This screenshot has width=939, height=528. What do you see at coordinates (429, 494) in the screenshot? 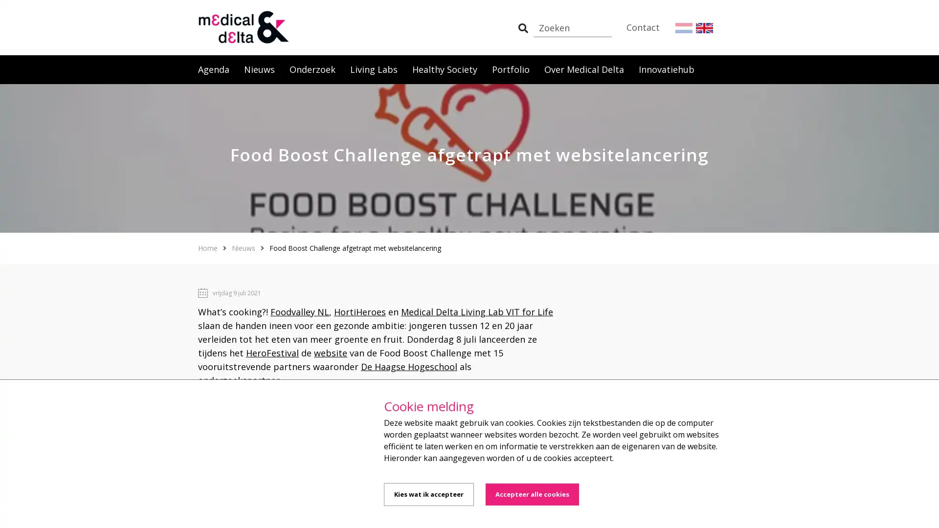
I see `Kies wat ik accepteer` at bounding box center [429, 494].